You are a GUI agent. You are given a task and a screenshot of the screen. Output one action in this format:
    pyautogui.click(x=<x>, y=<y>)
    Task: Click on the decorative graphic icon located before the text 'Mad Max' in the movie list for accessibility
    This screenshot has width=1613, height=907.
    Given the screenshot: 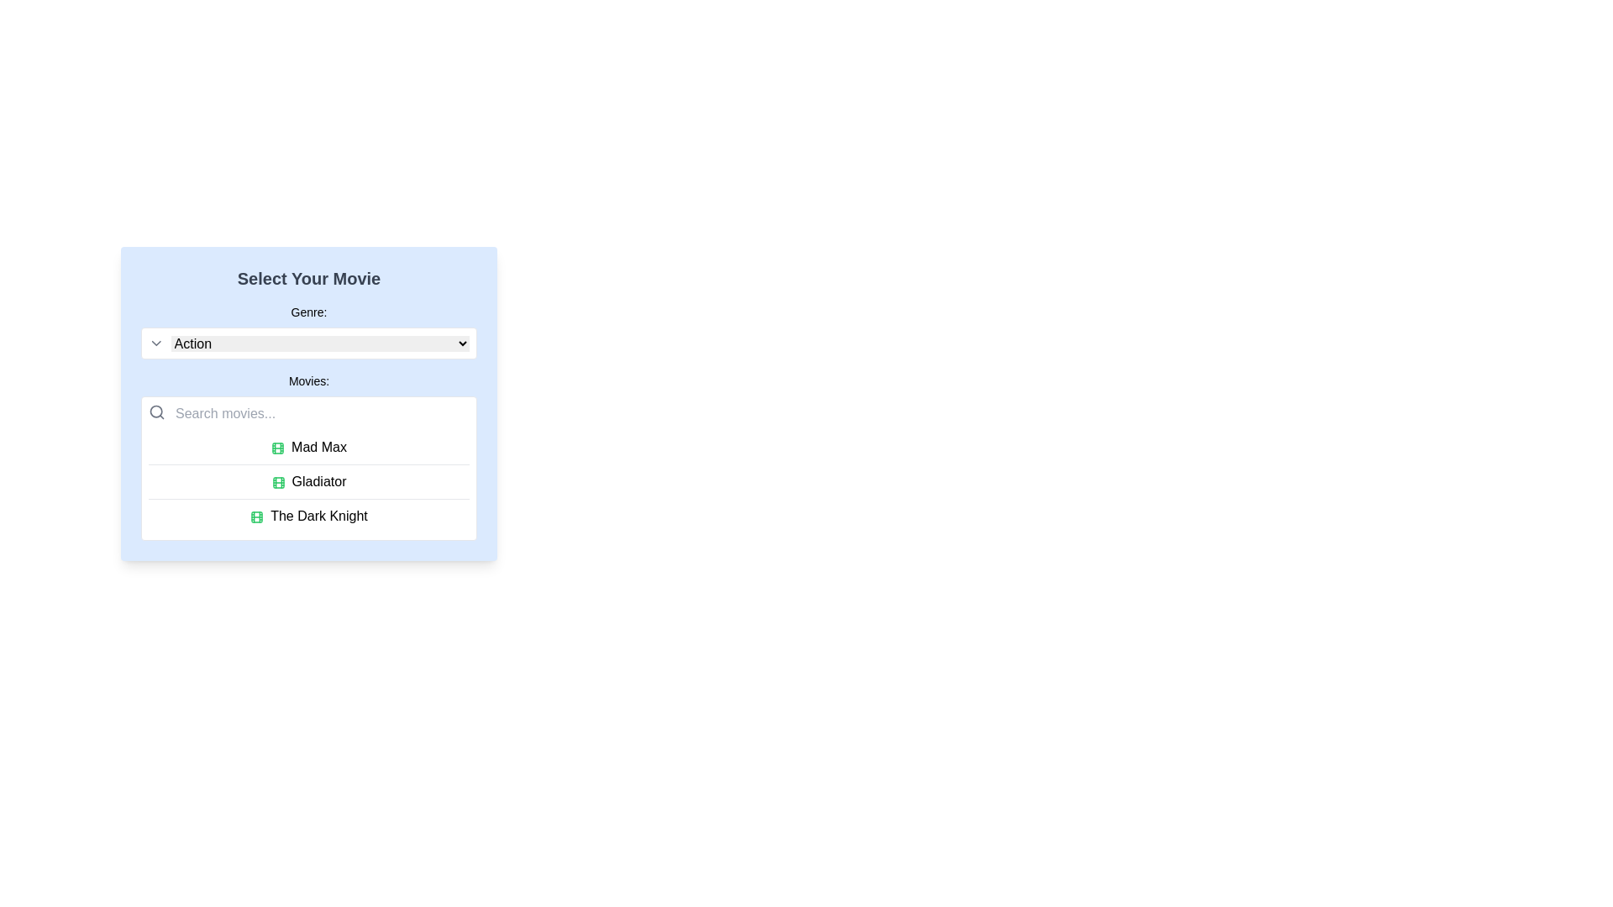 What is the action you would take?
    pyautogui.click(x=278, y=447)
    